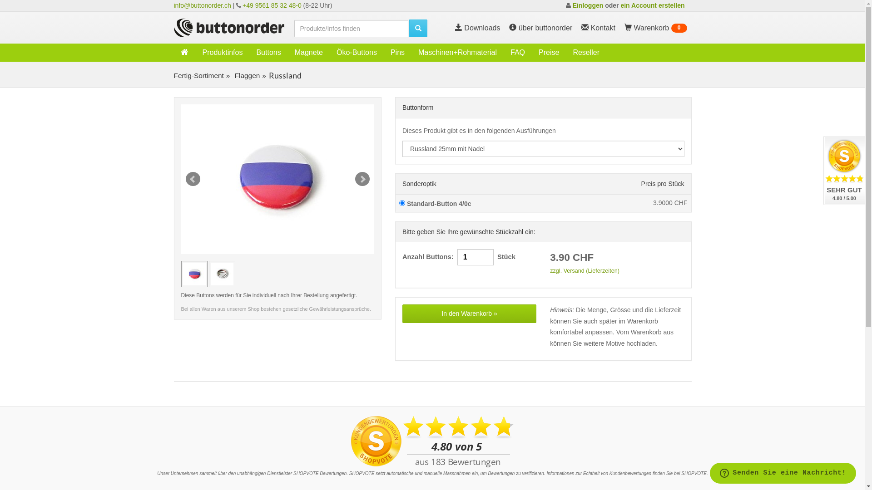  What do you see at coordinates (228, 27) in the screenshot?
I see `'Weiter zur Buttonorder-Startseite'` at bounding box center [228, 27].